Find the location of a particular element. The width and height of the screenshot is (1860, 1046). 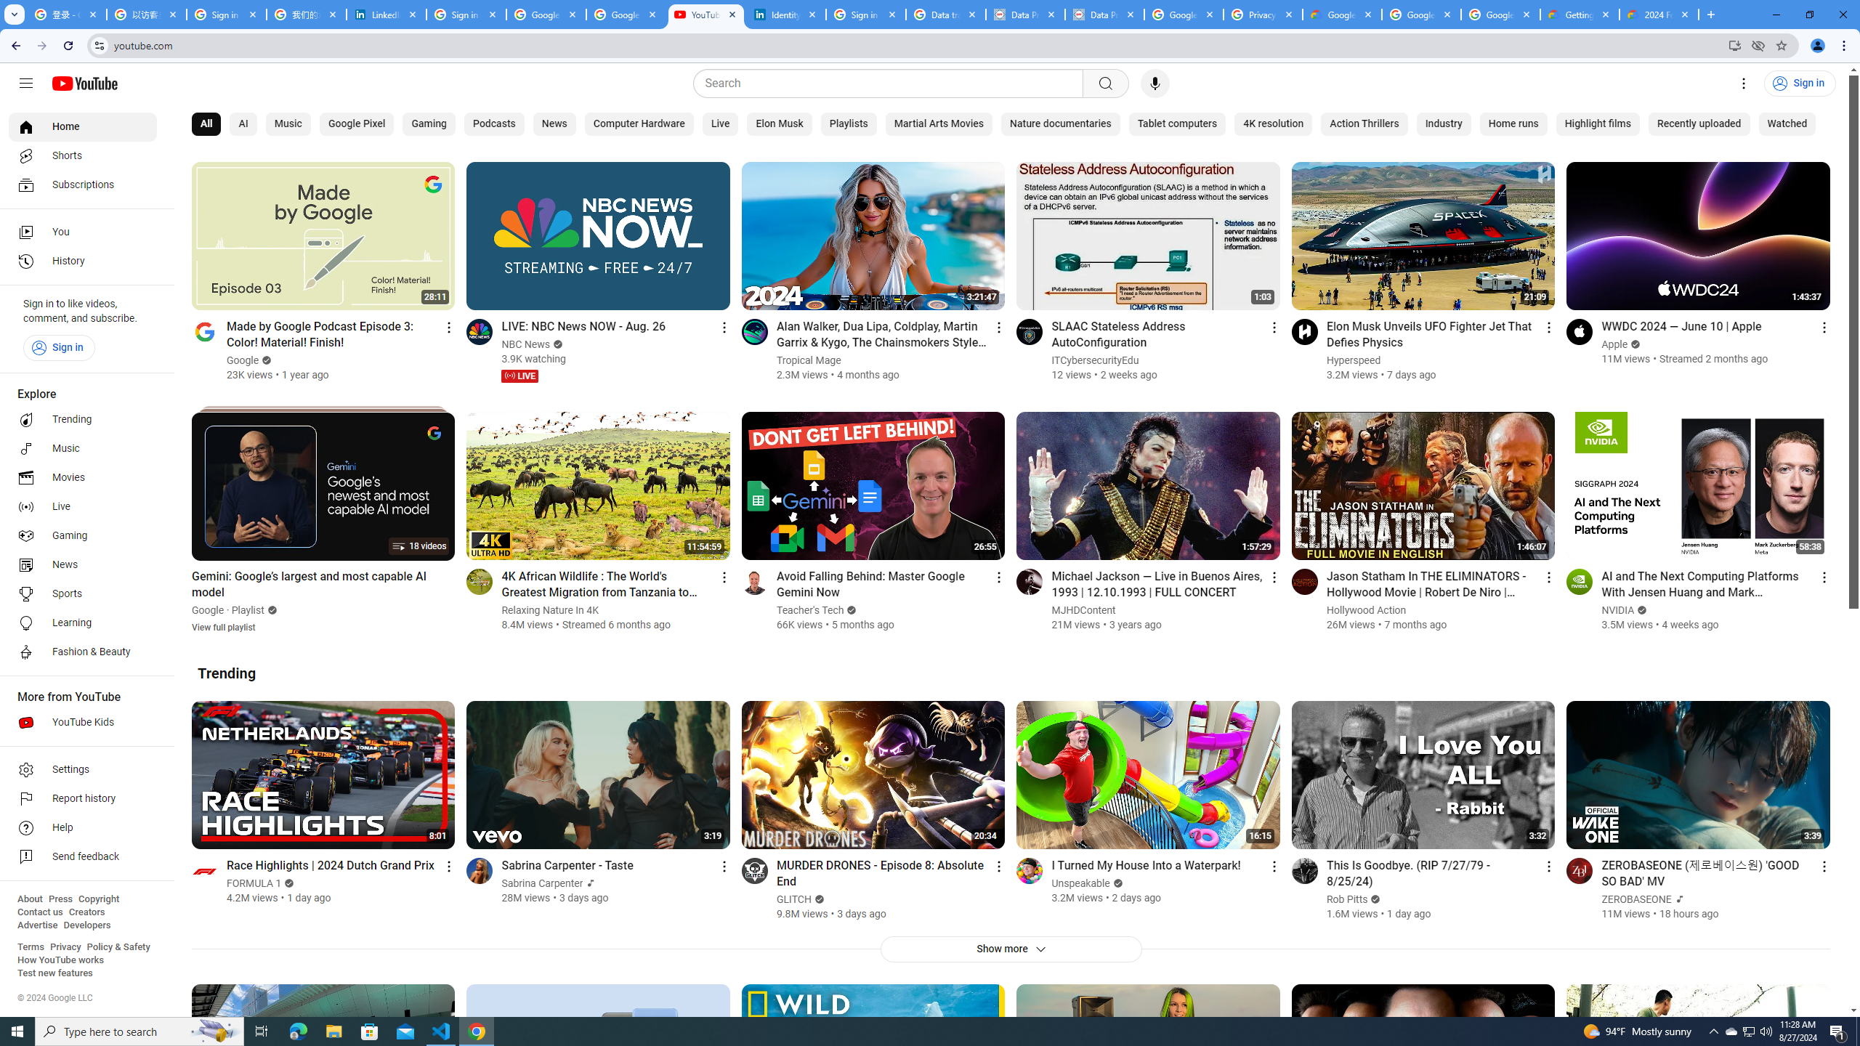

'4K resolution' is located at coordinates (1273, 124).